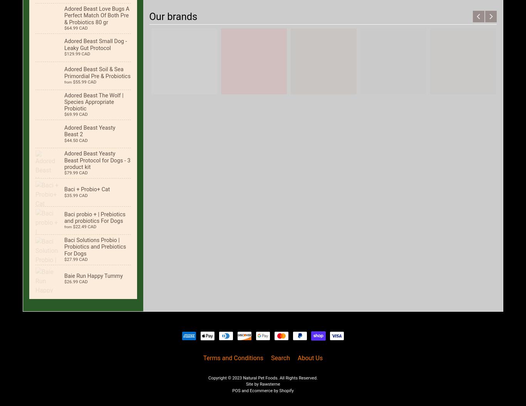 The width and height of the screenshot is (526, 406). What do you see at coordinates (245, 390) in the screenshot?
I see `'and'` at bounding box center [245, 390].